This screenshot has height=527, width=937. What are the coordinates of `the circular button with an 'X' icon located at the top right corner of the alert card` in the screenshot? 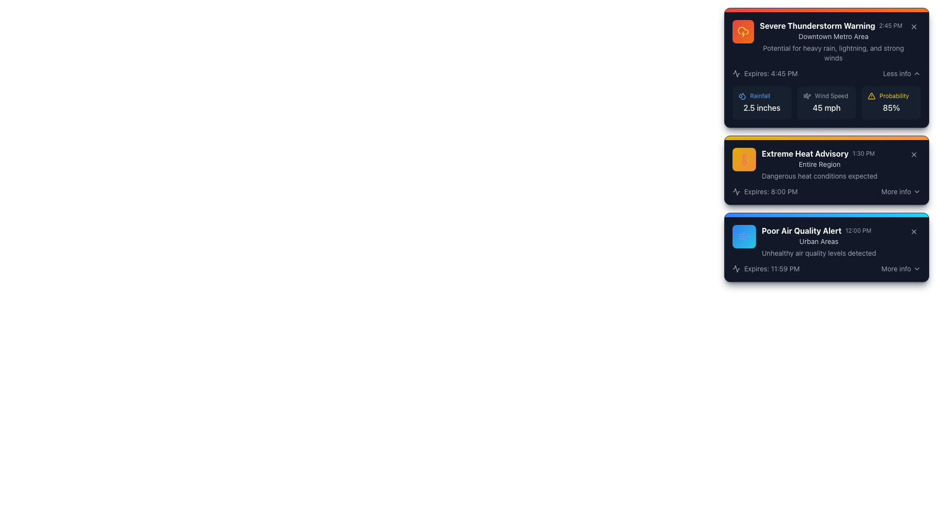 It's located at (913, 26).